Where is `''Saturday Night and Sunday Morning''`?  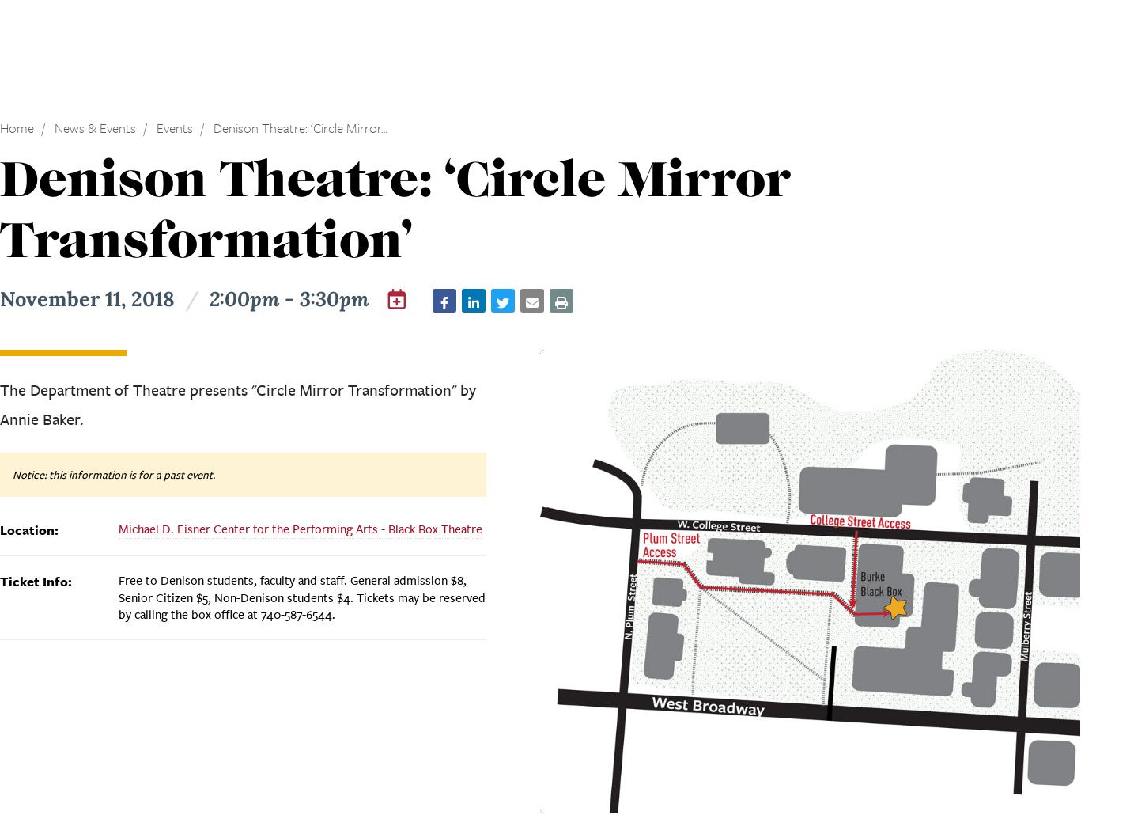 ''Saturday Night and Sunday Morning'' is located at coordinates (251, 354).